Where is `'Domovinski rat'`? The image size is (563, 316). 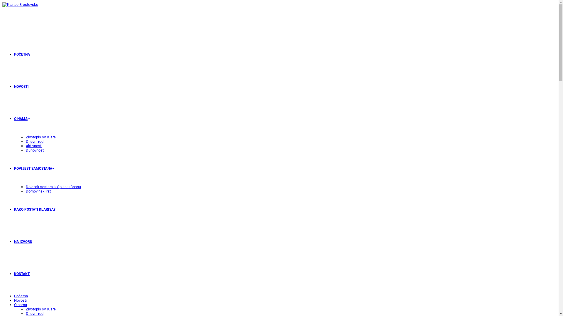 'Domovinski rat' is located at coordinates (38, 191).